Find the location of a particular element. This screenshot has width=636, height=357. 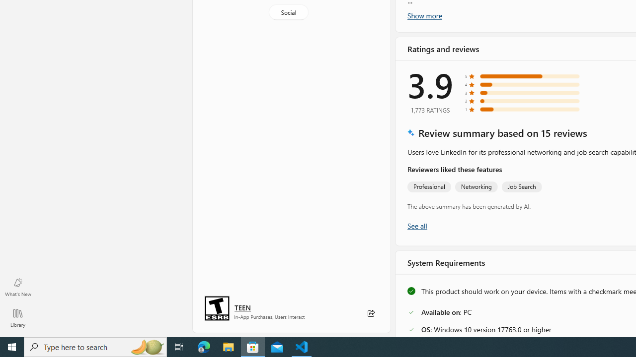

'Show all ratings and reviews' is located at coordinates (417, 225).